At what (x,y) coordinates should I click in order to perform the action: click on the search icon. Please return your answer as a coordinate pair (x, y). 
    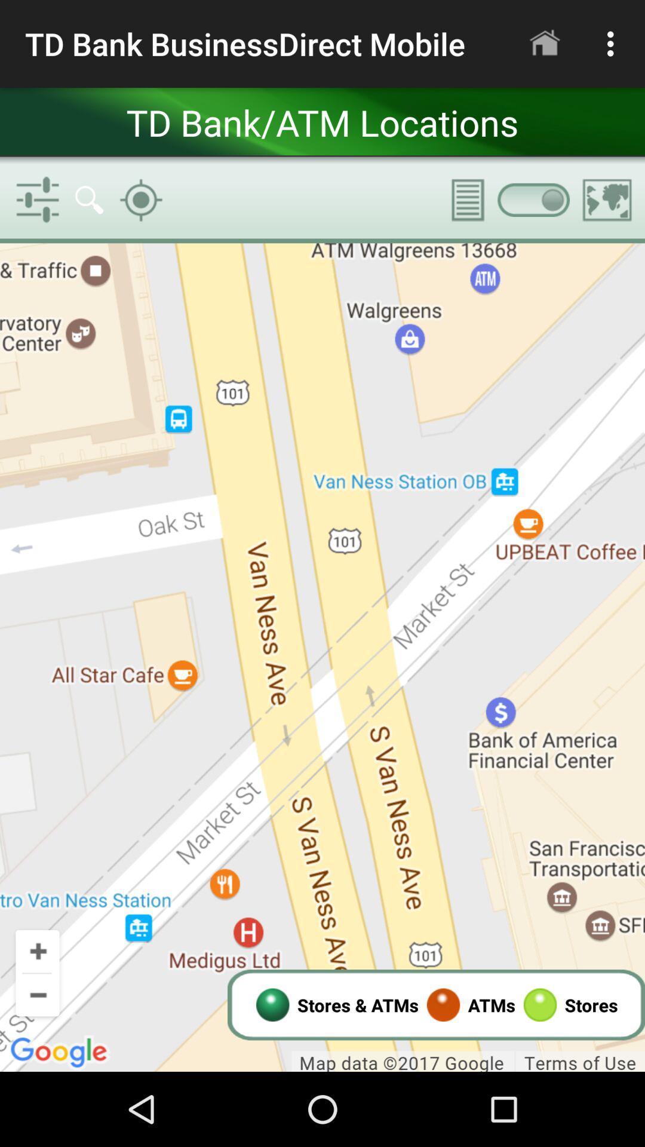
    Looking at the image, I should click on (88, 200).